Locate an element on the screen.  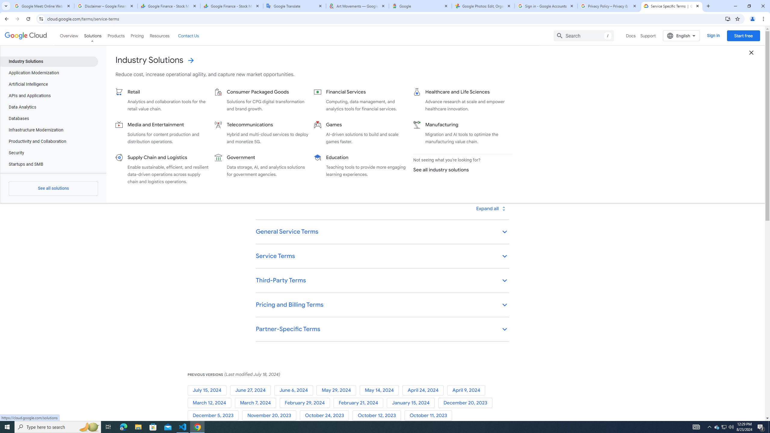
'December 5, 2023' is located at coordinates (214, 416).